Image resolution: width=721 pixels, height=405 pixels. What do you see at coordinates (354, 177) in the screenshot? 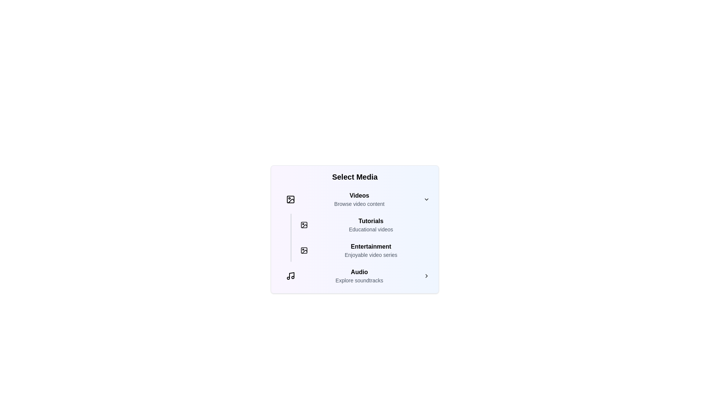
I see `the 'Select Media' heading, which is a bold text element located at the top of a card-like interface with a gradient background` at bounding box center [354, 177].